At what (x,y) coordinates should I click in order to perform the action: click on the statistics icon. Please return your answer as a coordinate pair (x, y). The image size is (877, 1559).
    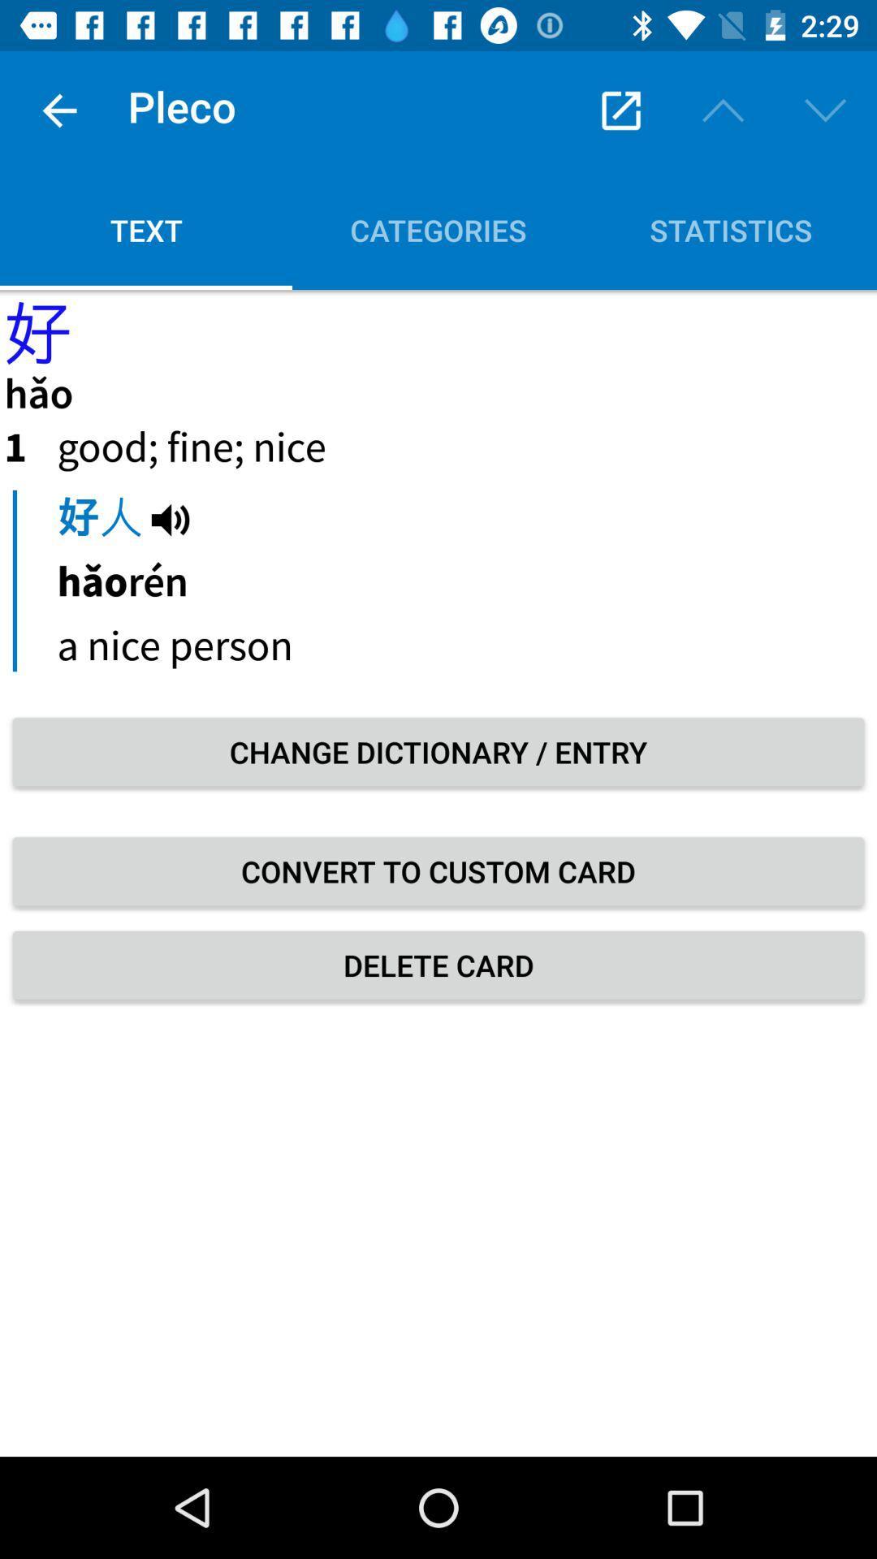
    Looking at the image, I should click on (729, 229).